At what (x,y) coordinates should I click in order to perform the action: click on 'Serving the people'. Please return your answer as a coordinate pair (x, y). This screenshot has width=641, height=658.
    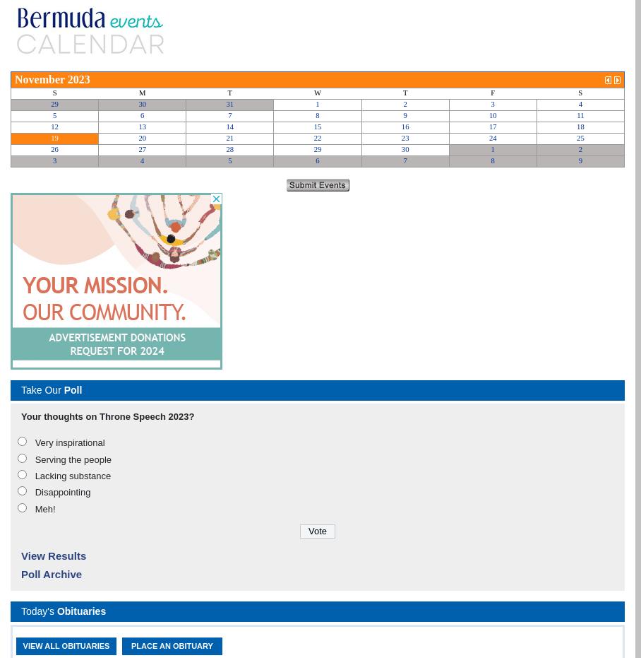
    Looking at the image, I should click on (72, 459).